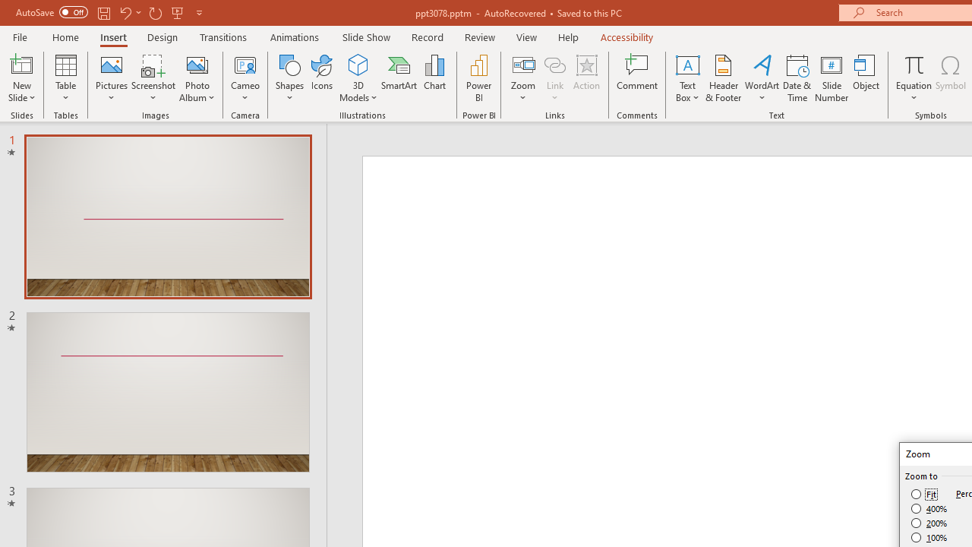 Image resolution: width=972 pixels, height=547 pixels. Describe the element at coordinates (929, 536) in the screenshot. I see `'100%'` at that location.